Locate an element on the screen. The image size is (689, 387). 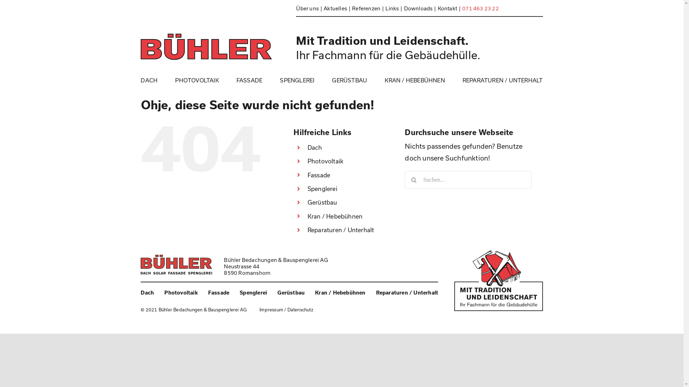
'Dach' is located at coordinates (147, 292).